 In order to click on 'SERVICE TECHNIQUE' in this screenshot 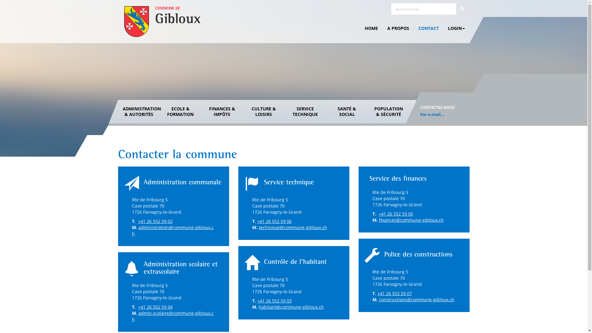, I will do `click(305, 112)`.